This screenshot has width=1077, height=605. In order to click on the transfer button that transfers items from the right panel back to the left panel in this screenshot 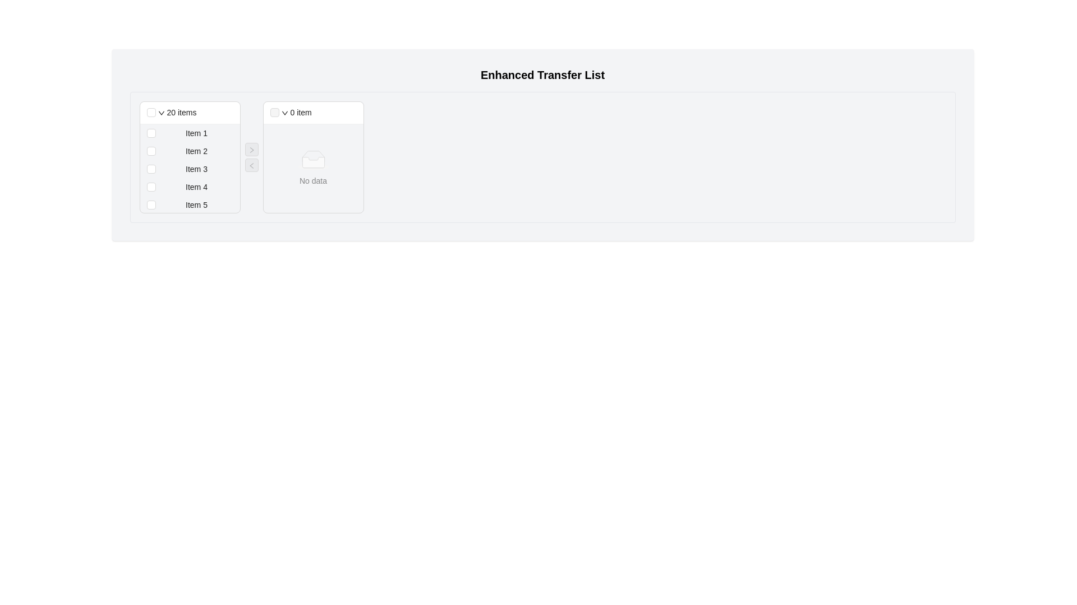, I will do `click(251, 165)`.